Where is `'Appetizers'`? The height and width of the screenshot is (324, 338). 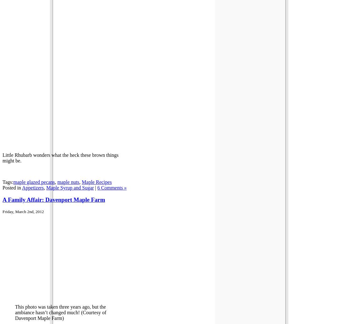 'Appetizers' is located at coordinates (32, 187).